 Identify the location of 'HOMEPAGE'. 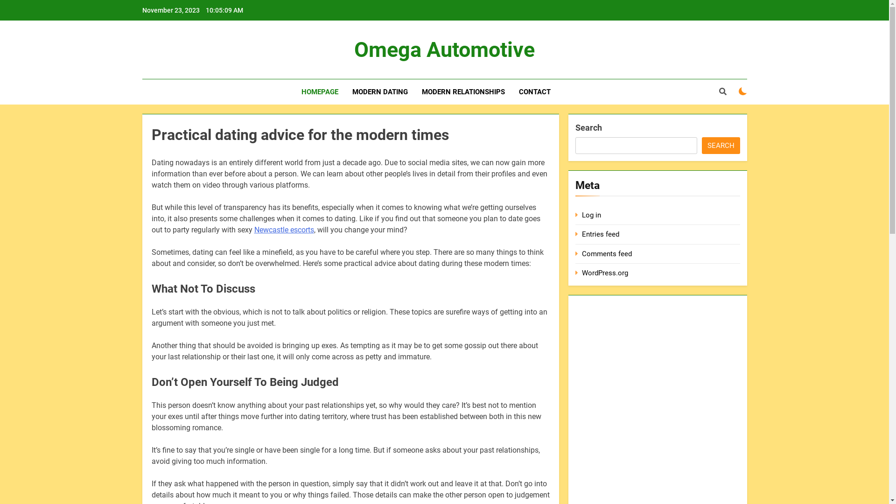
(320, 91).